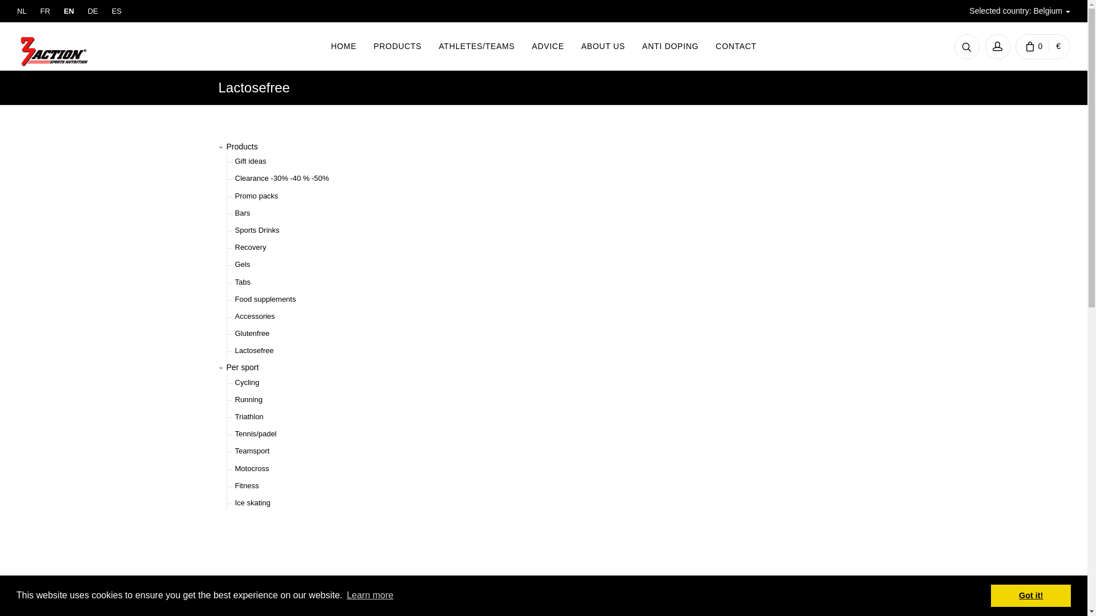  What do you see at coordinates (252, 333) in the screenshot?
I see `'Glutenfree'` at bounding box center [252, 333].